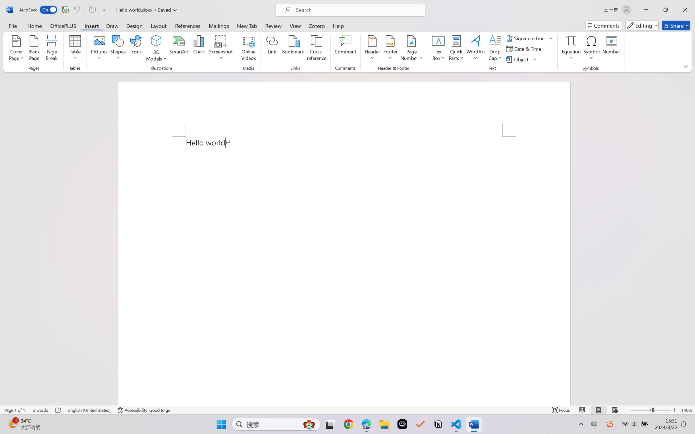  I want to click on 'More Options', so click(571, 56).